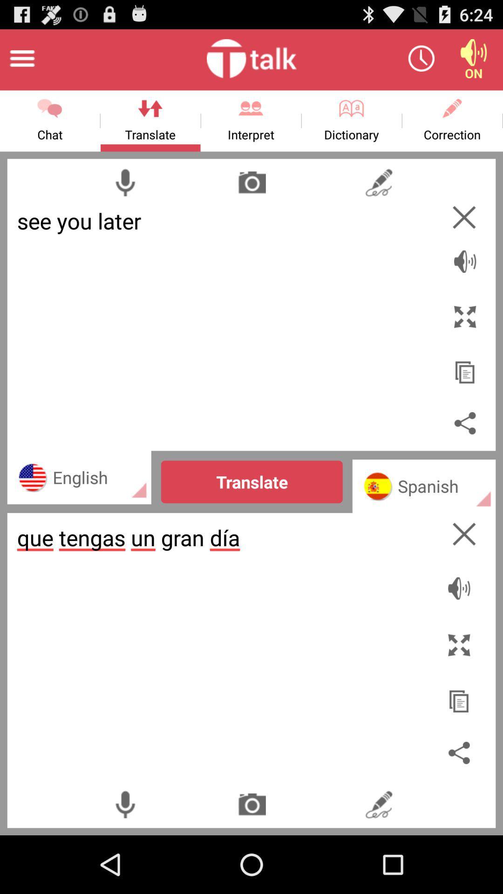  What do you see at coordinates (124, 804) in the screenshot?
I see `start recording` at bounding box center [124, 804].